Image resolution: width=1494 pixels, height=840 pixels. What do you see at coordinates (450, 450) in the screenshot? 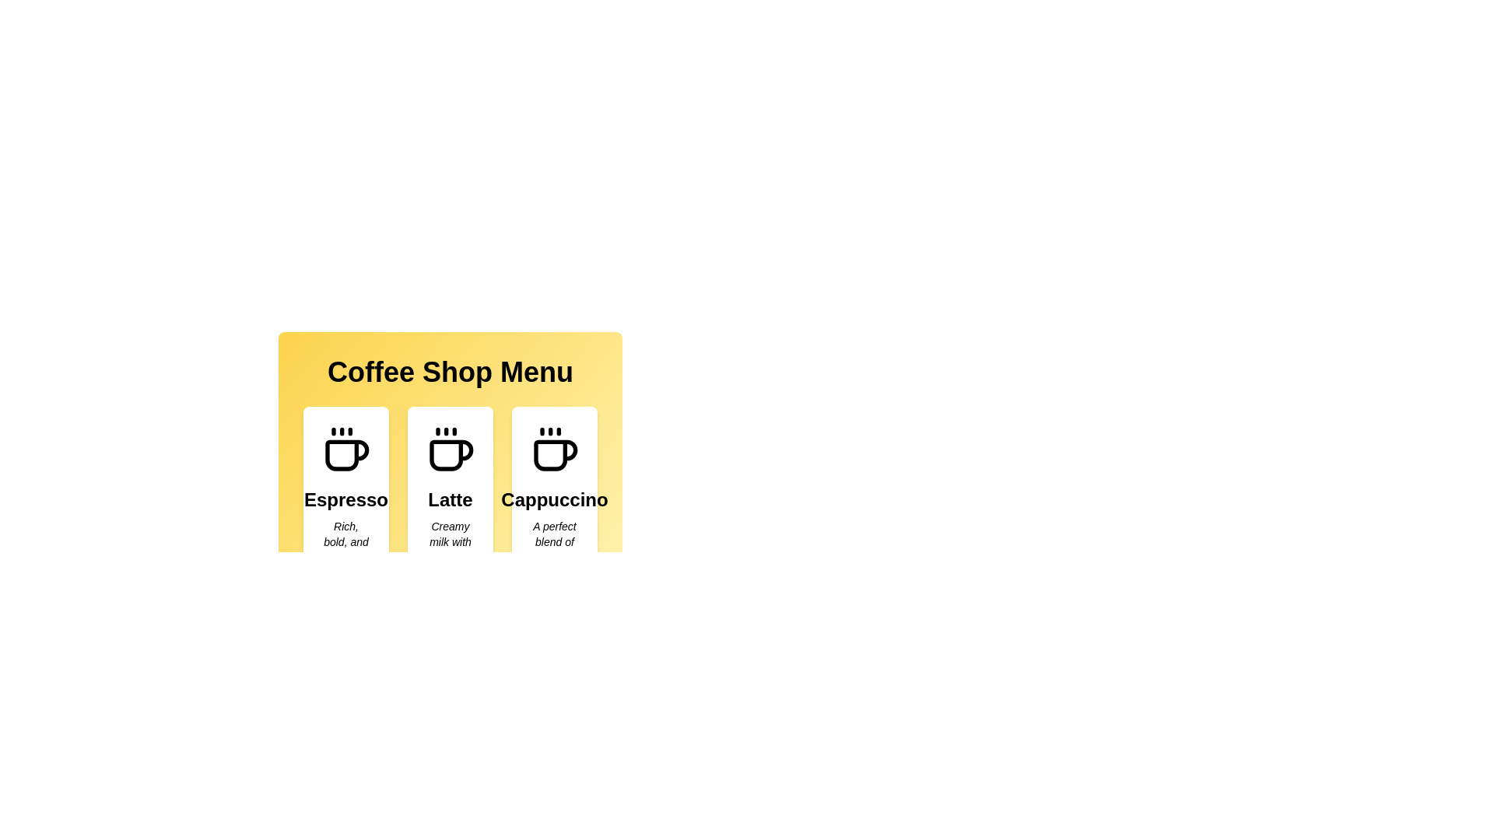
I see `the coffee icon associated with the menu item Latte` at bounding box center [450, 450].